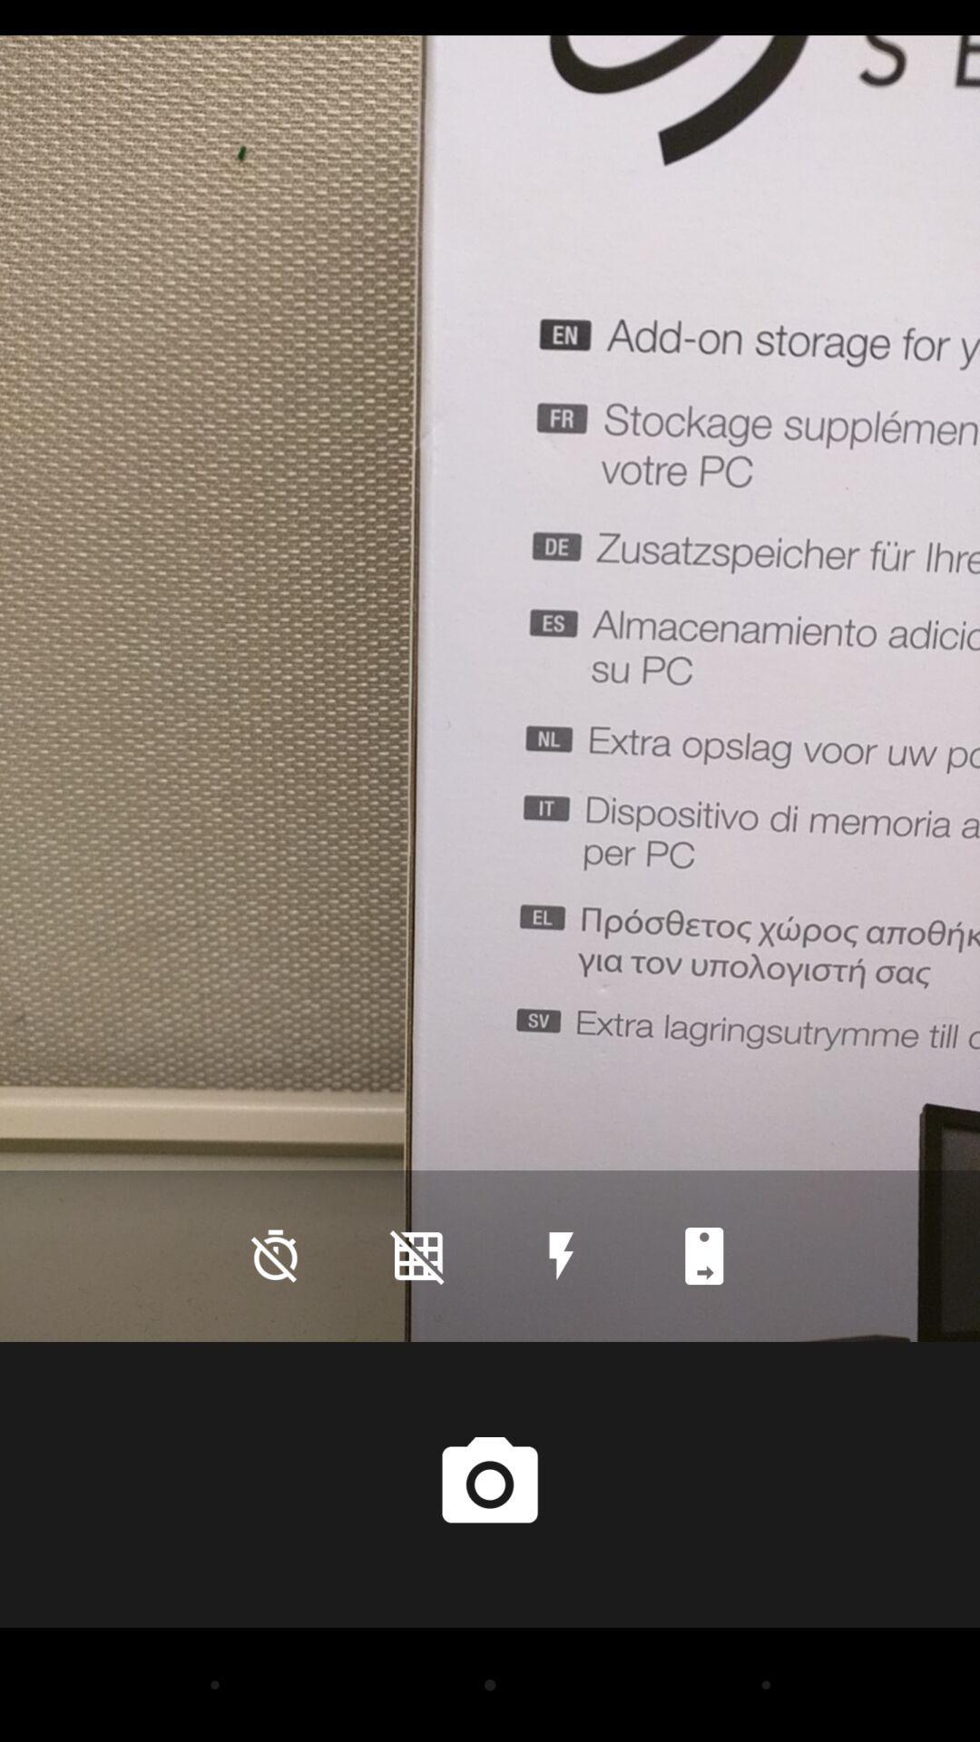 The width and height of the screenshot is (980, 1742). Describe the element at coordinates (560, 1255) in the screenshot. I see `the flash icon` at that location.